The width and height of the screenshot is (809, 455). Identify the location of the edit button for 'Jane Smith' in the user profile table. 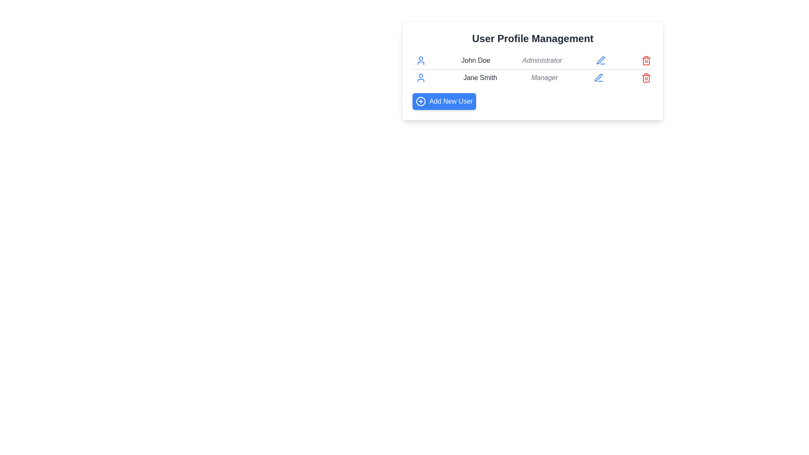
(598, 78).